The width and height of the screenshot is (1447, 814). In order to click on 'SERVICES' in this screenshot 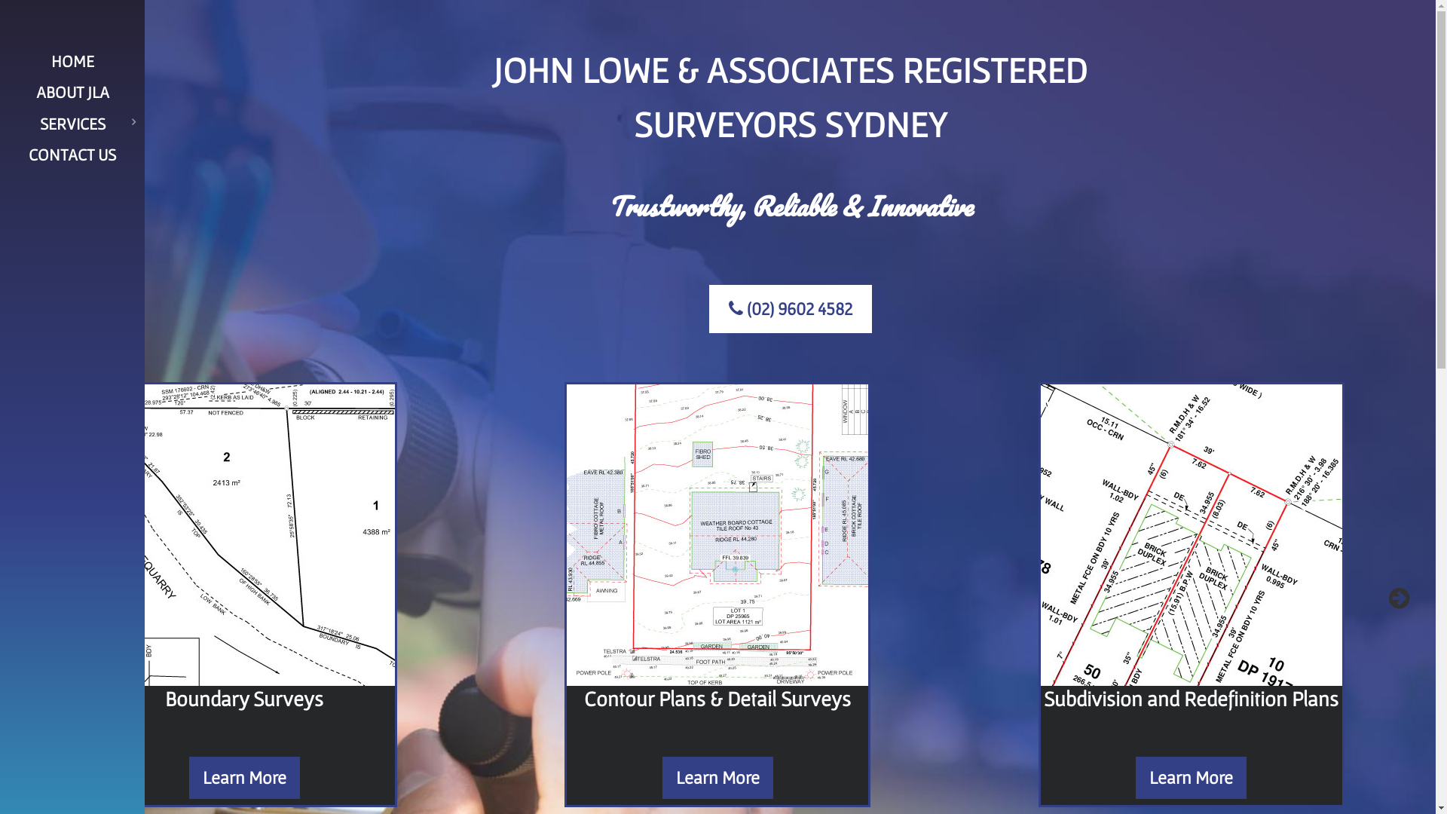, I will do `click(72, 123)`.